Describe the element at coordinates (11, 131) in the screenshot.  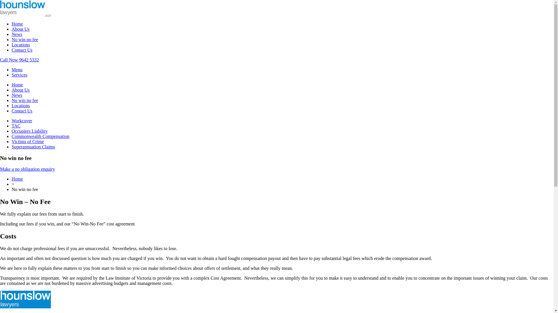
I see `'Occupiers Liability'` at that location.